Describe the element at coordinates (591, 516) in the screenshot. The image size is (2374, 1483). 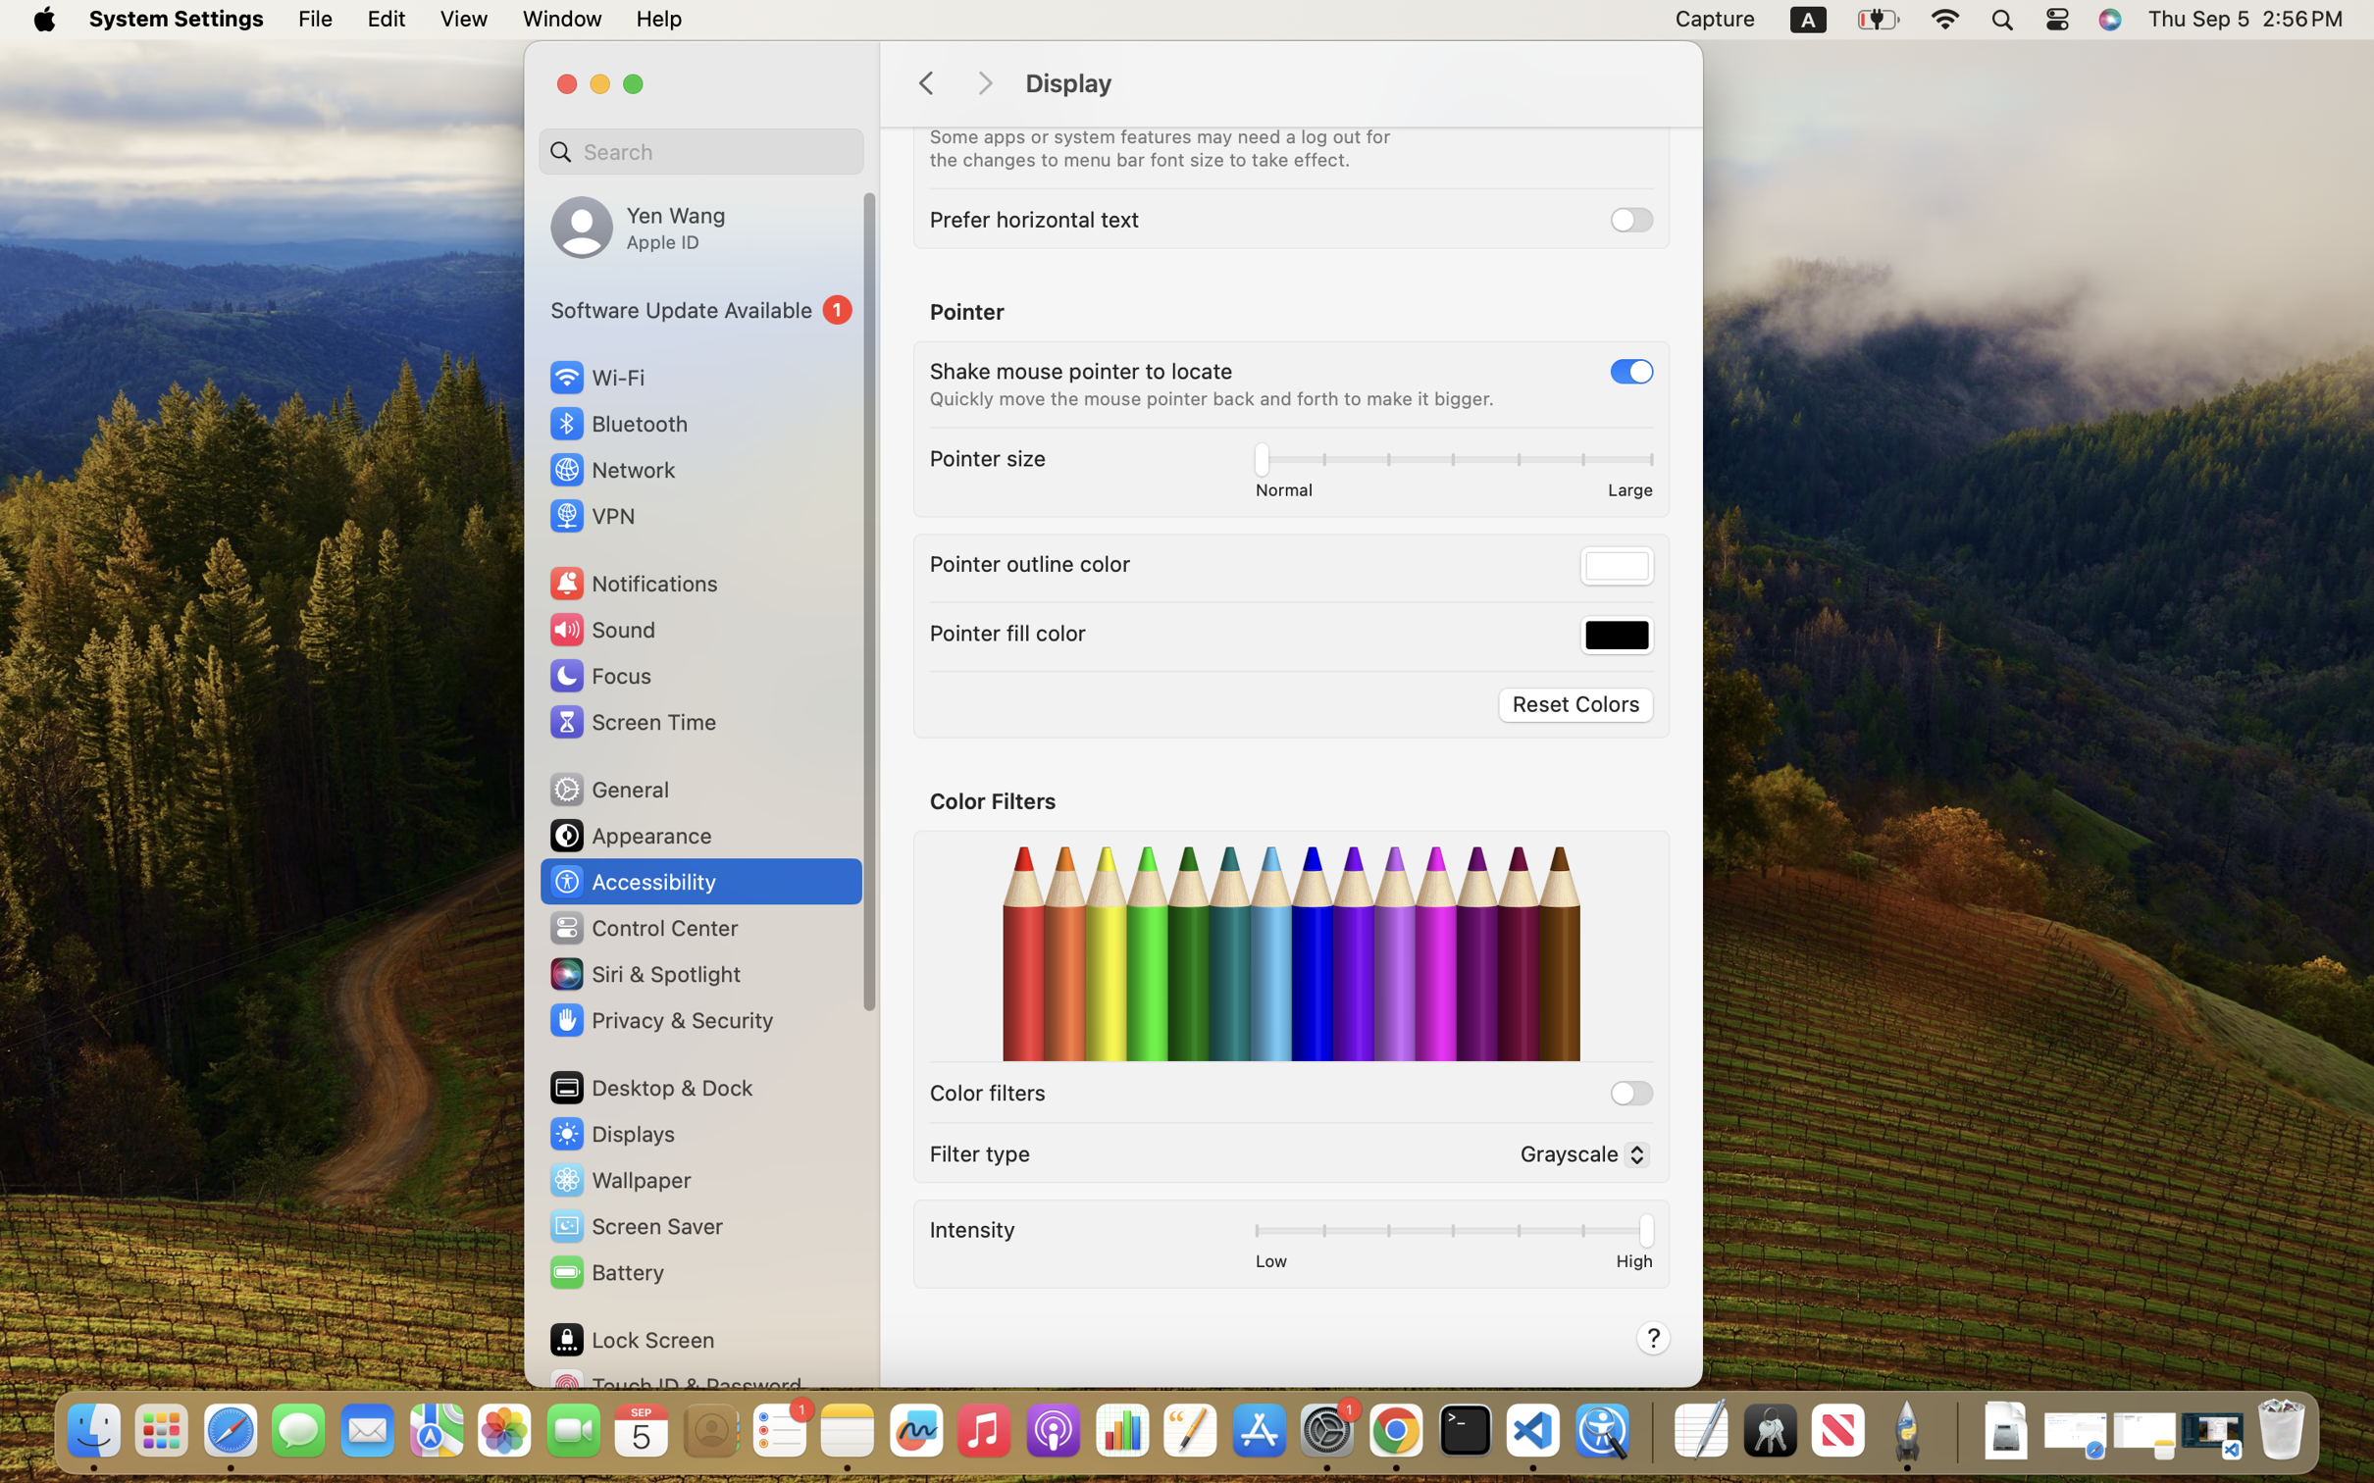
I see `'VPN'` at that location.